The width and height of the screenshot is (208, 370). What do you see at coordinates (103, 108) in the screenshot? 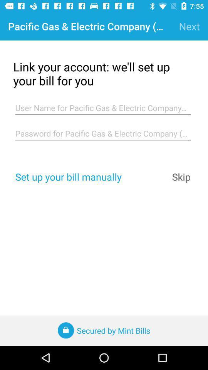
I see `username for login` at bounding box center [103, 108].